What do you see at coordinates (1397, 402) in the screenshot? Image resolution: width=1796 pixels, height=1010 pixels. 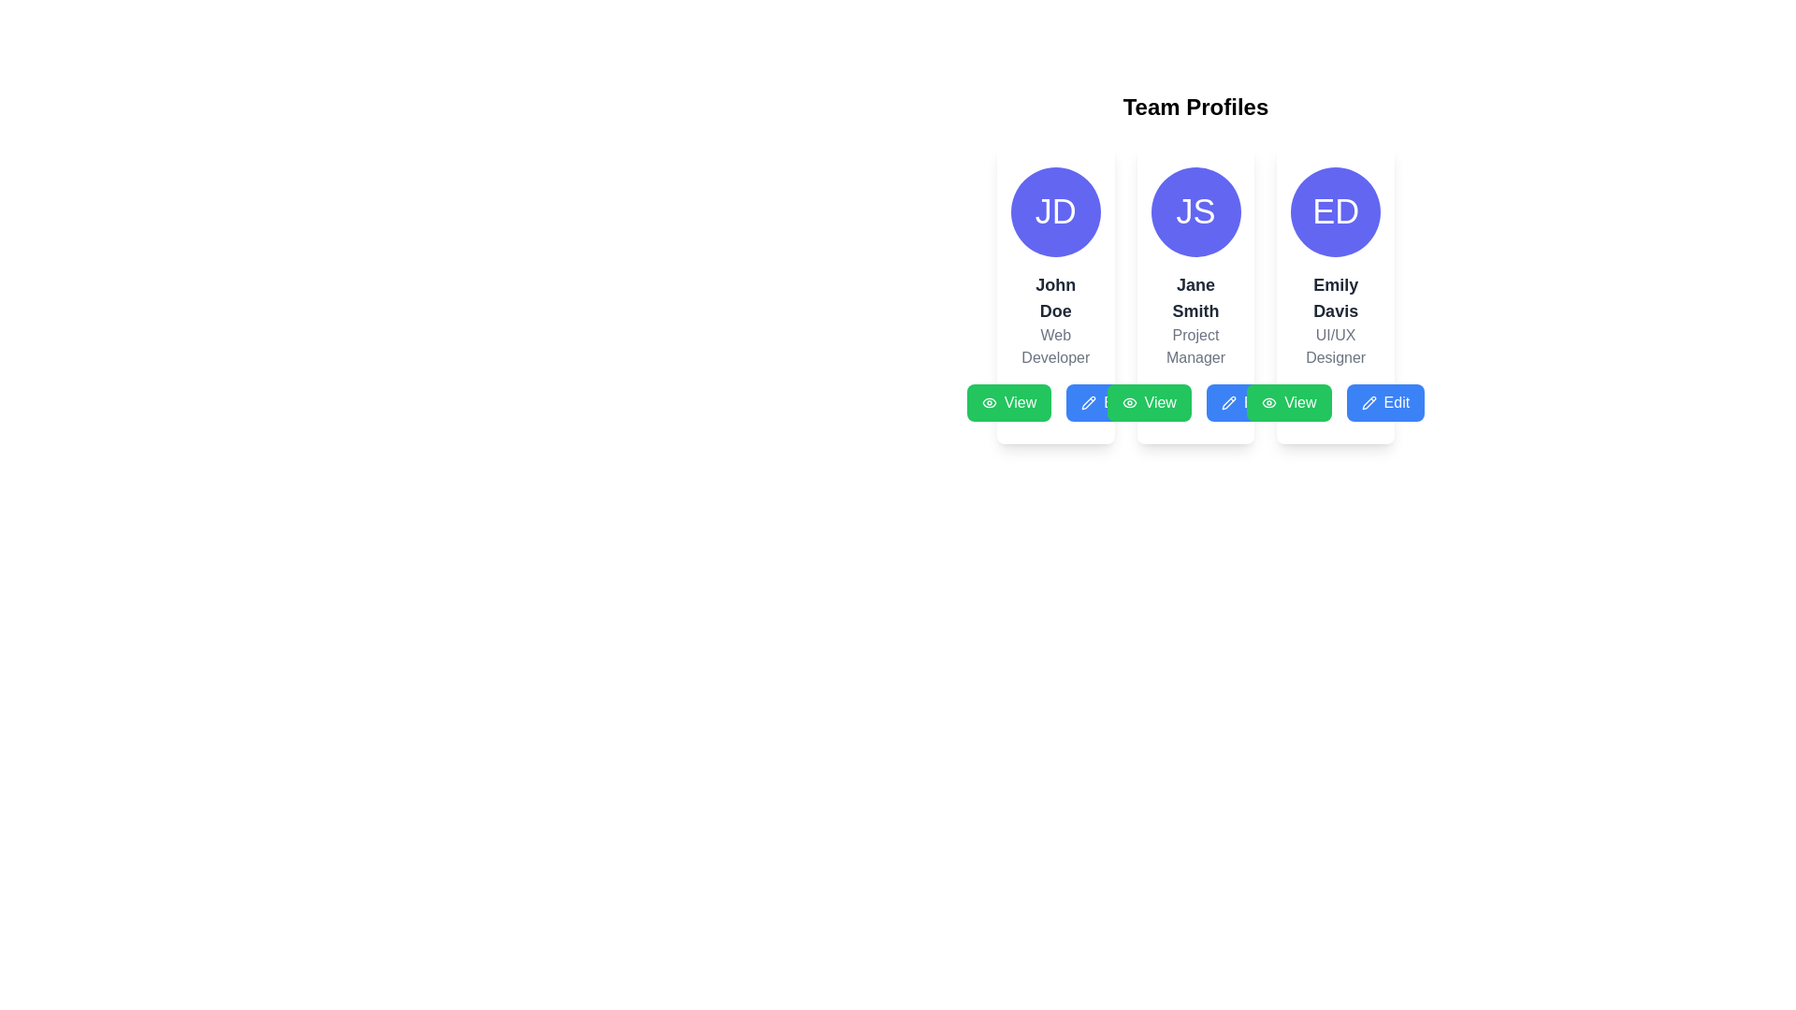 I see `the 'Edit' button located at the bottom right of the 'Emily Davis' profile card, which is a rounded rectangular button with white text on a blue background` at bounding box center [1397, 402].